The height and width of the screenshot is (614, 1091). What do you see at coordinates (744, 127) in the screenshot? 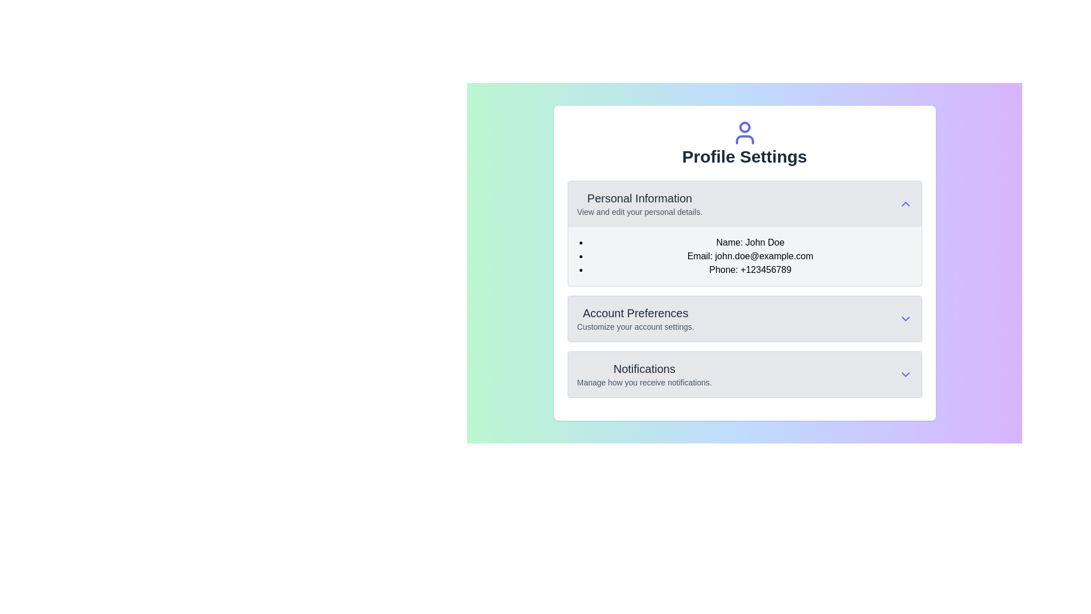
I see `the SVG Circle Shape that represents the user's head within the profile icon, which is located above the text 'Profile Settings'` at bounding box center [744, 127].